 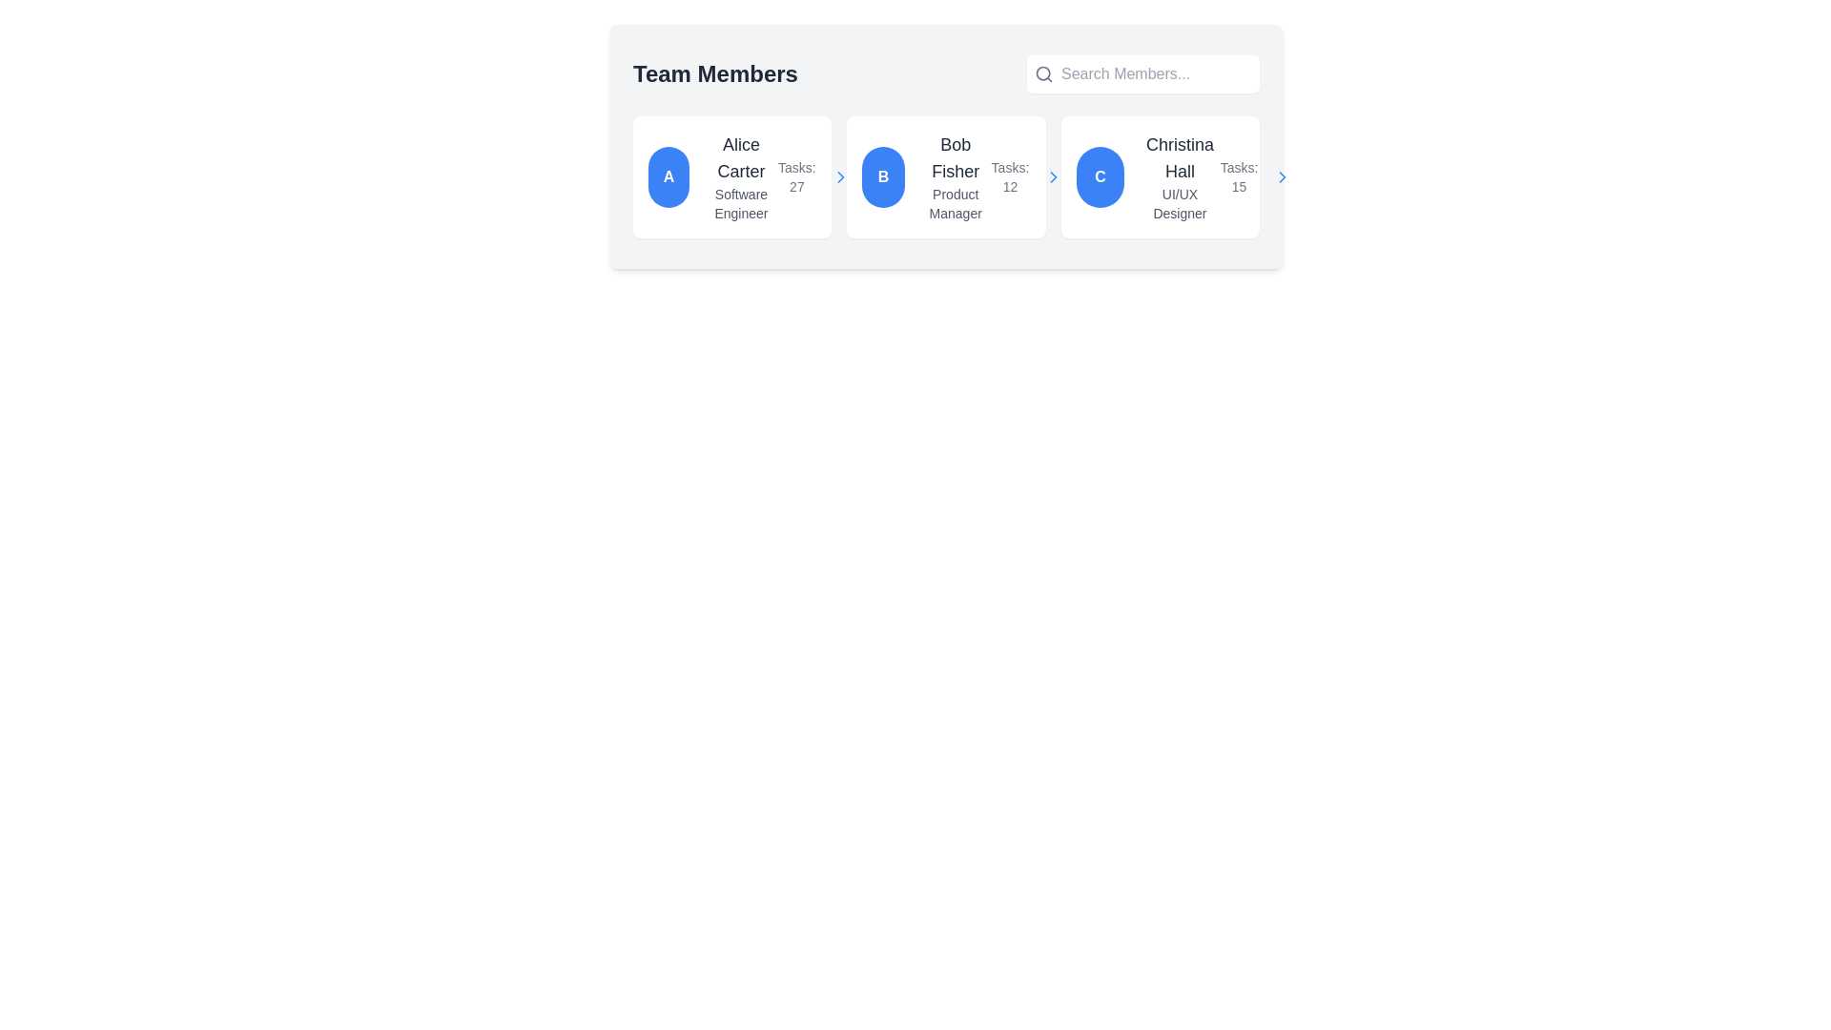 I want to click on the Interactive Icon located immediately to the right of the text 'Tasks: 12', so click(x=1053, y=176).